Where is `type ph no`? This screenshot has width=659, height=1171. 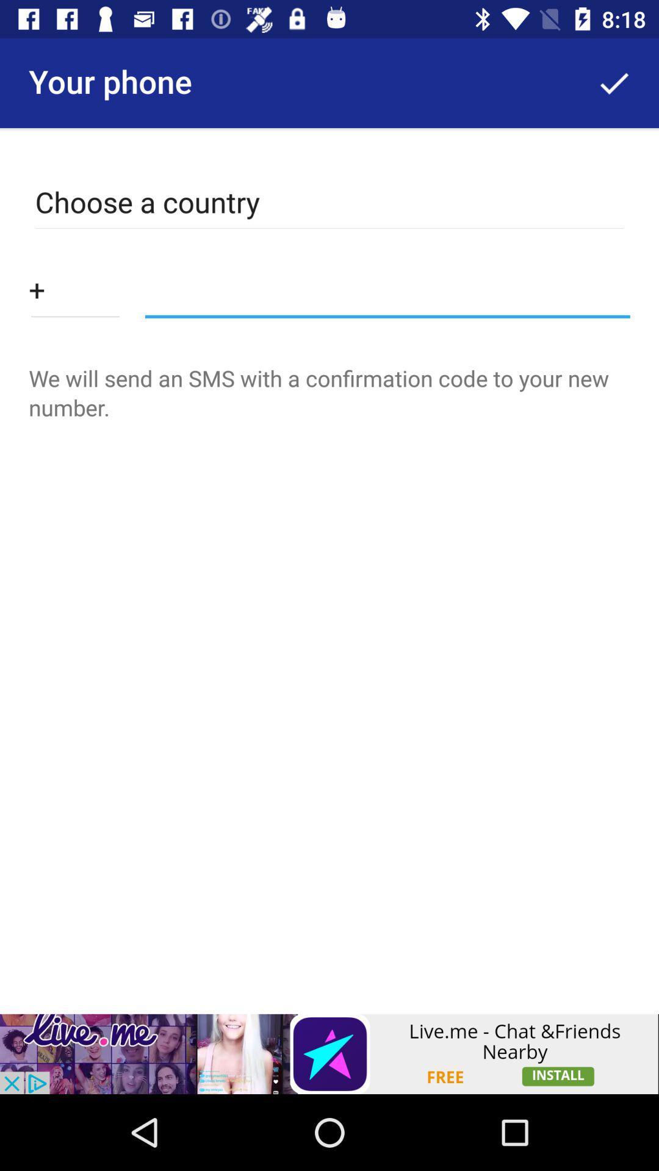 type ph no is located at coordinates (75, 288).